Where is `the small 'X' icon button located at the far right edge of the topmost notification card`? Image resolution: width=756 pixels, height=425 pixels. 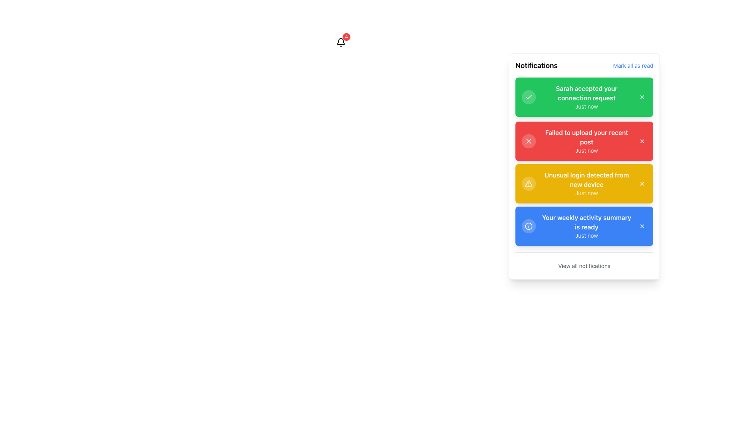
the small 'X' icon button located at the far right edge of the topmost notification card is located at coordinates (642, 96).